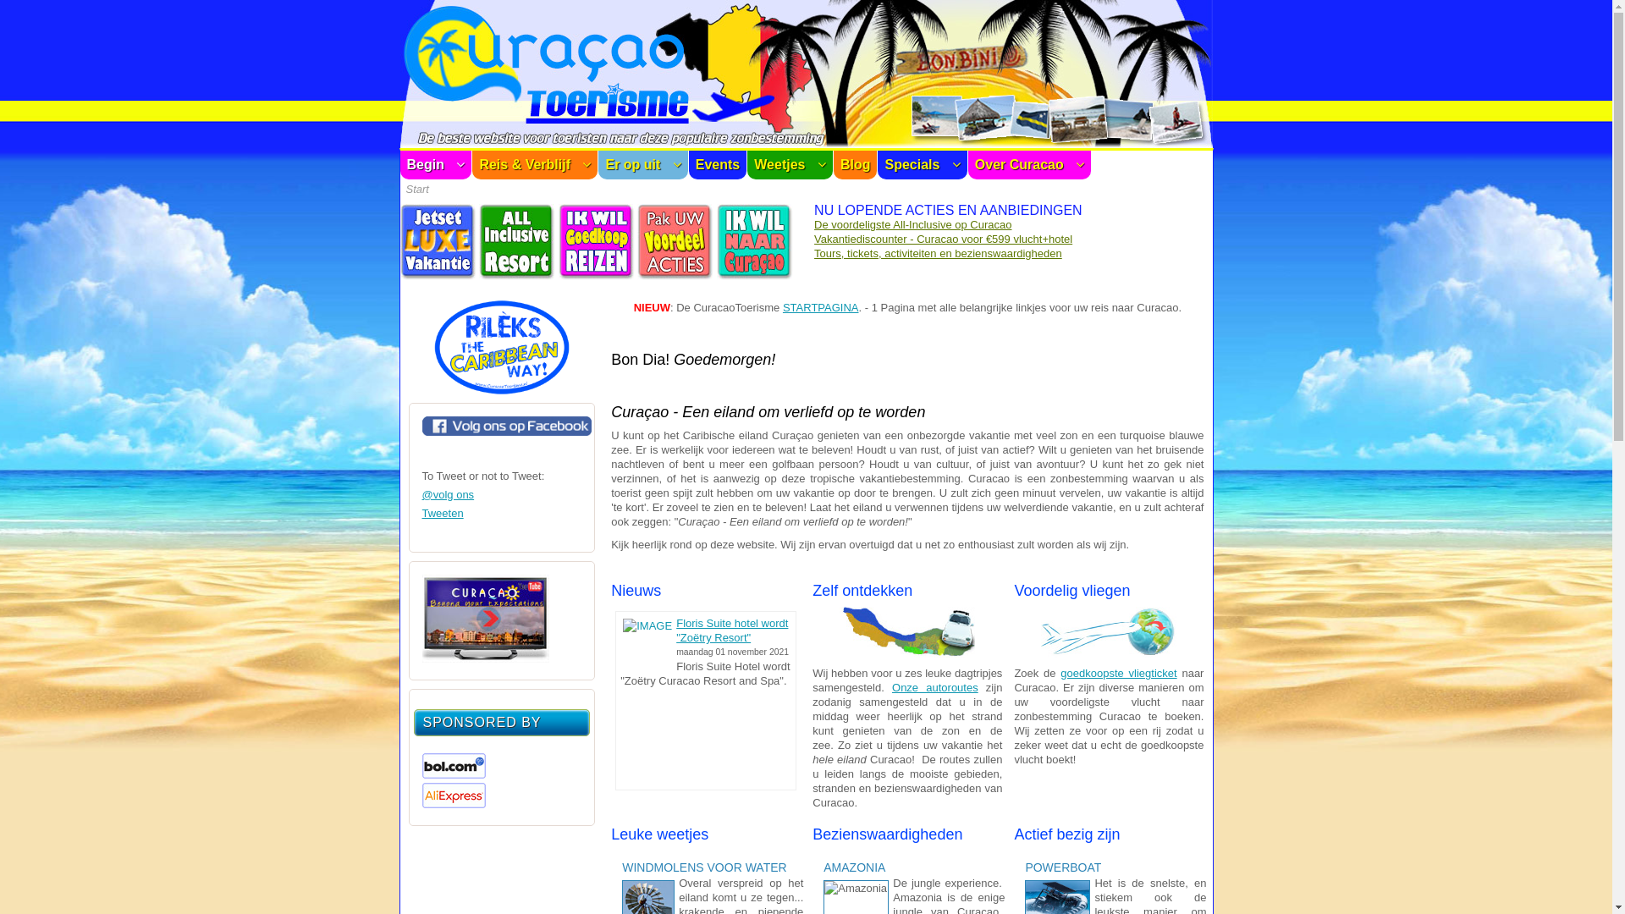 The height and width of the screenshot is (914, 1625). I want to click on 'Onze autoroutes', so click(934, 687).